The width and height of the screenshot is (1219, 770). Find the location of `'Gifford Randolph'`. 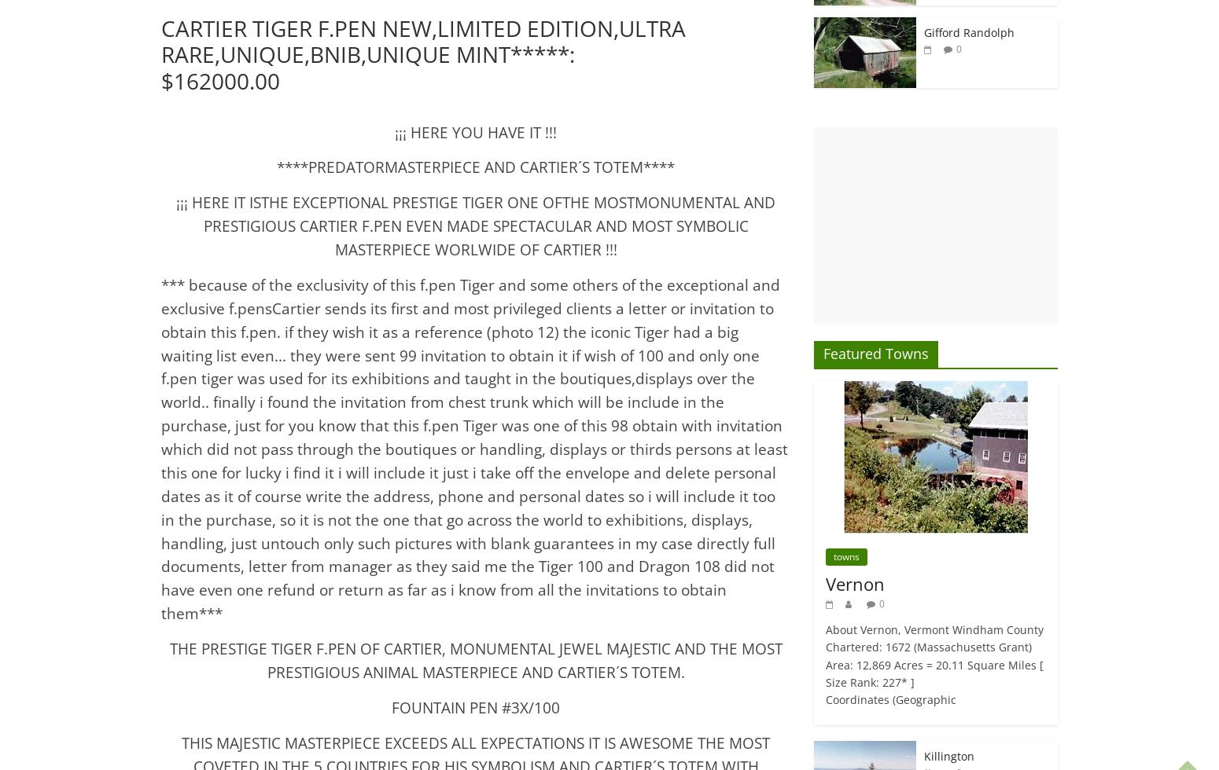

'Gifford Randolph' is located at coordinates (969, 31).